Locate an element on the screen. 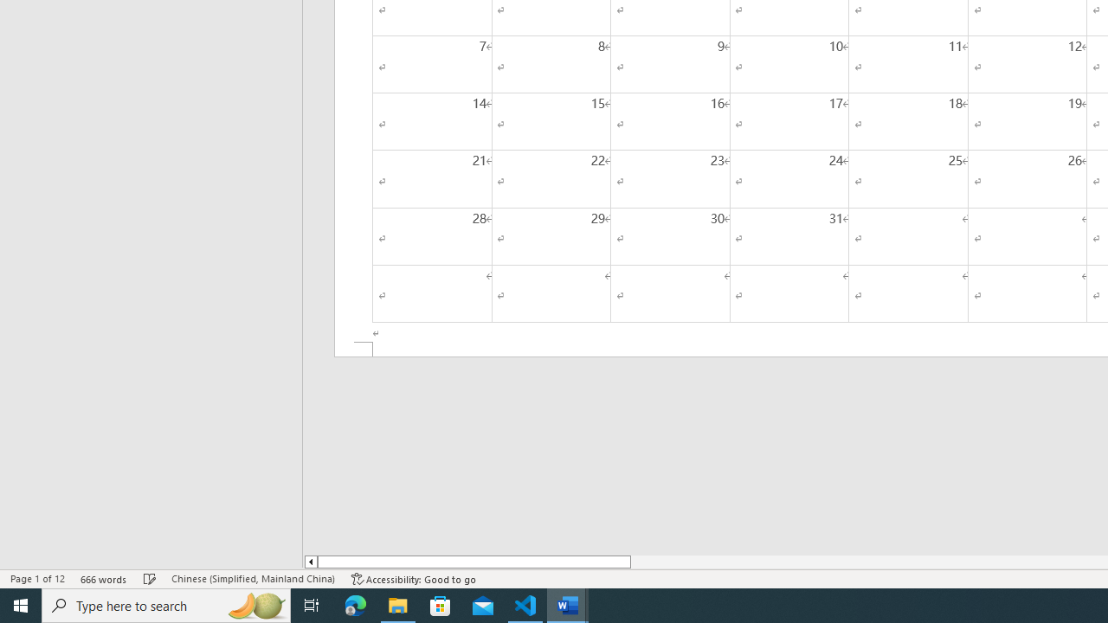 The image size is (1108, 623). 'Spelling and Grammar Check Checking' is located at coordinates (150, 579).